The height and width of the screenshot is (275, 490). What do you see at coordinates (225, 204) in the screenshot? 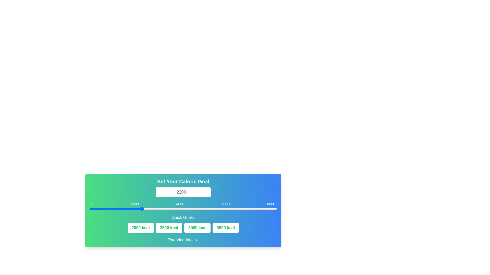
I see `the fourth text label indicating the caloric value of 6000 kcal, which is positioned between the labels for 4000 and 8000 in a horizontally arranged group` at bounding box center [225, 204].